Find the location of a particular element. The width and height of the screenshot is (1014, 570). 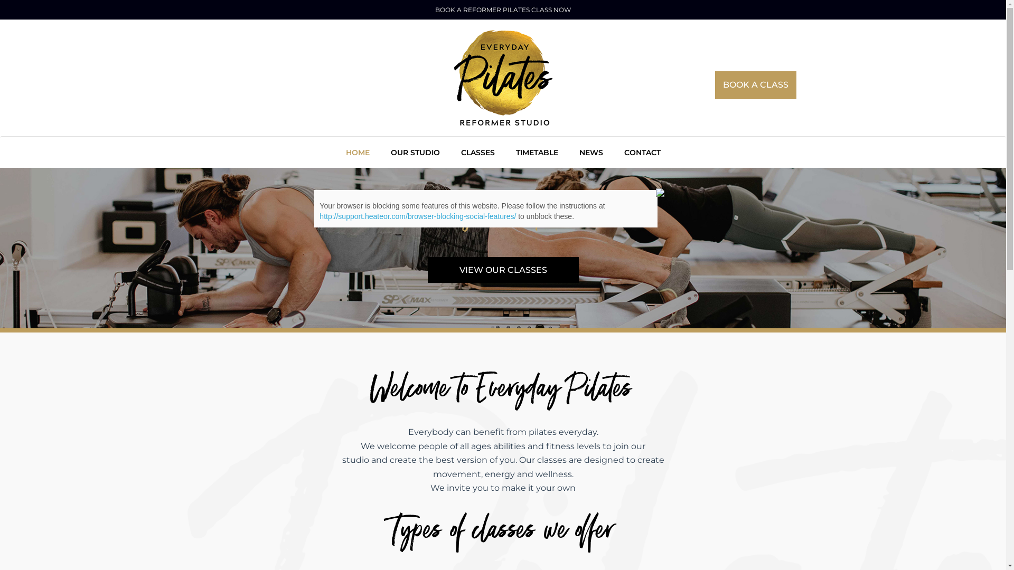

'BOOK A CLASS' is located at coordinates (715, 84).